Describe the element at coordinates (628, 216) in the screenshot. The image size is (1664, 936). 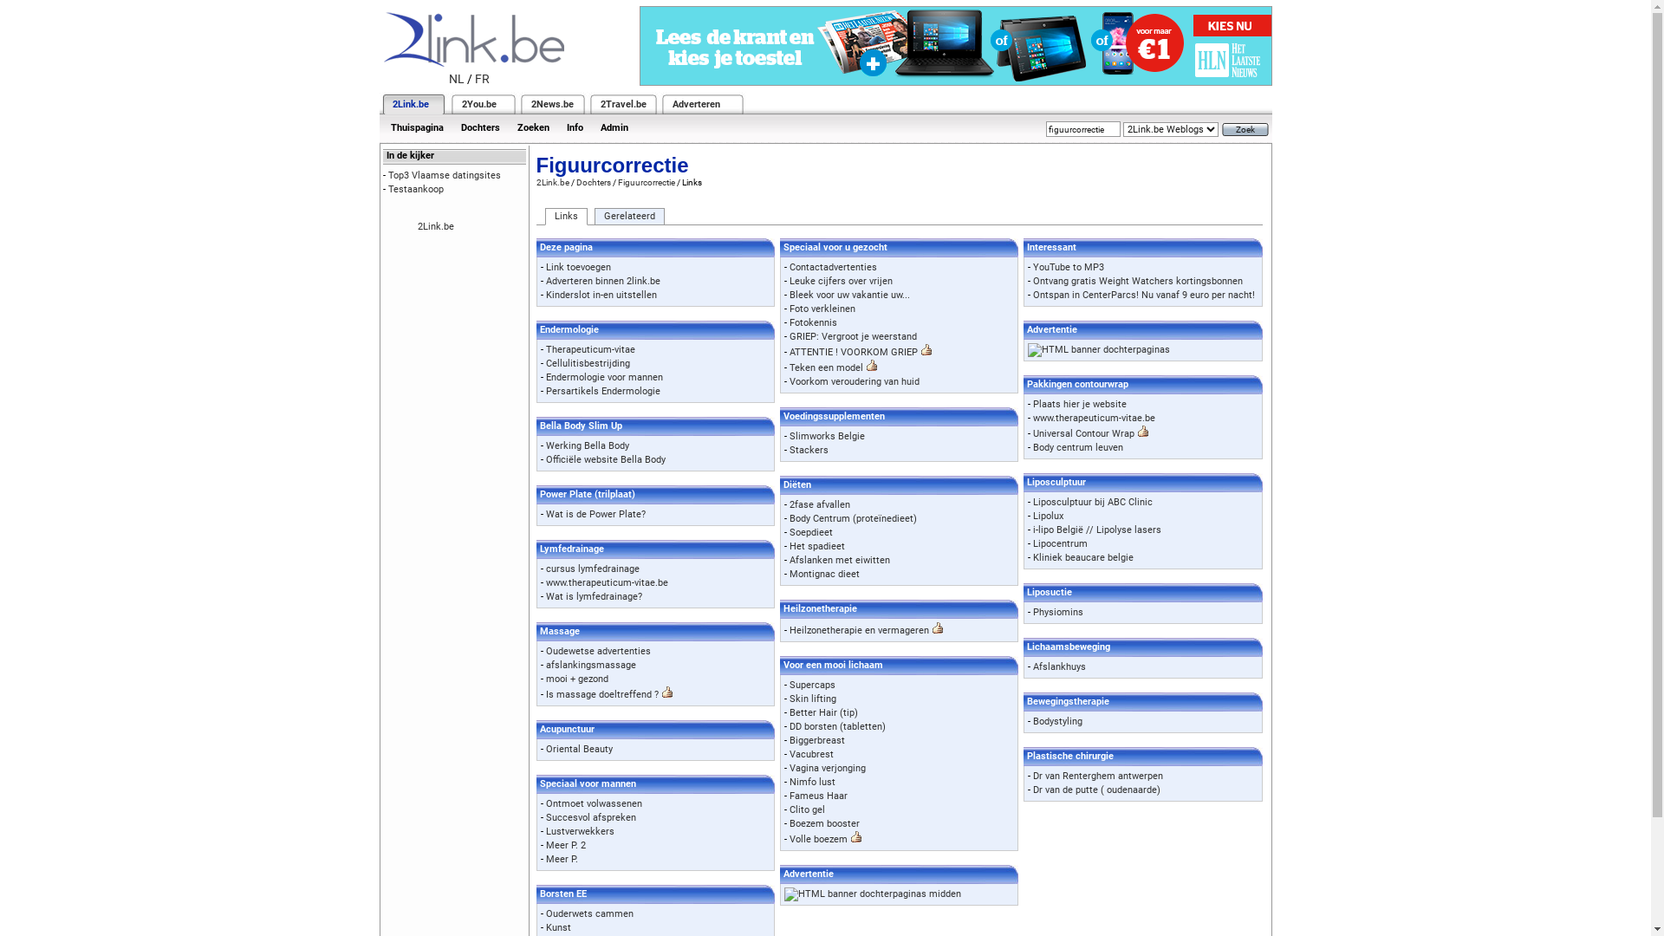
I see `'Gerelateerd'` at that location.